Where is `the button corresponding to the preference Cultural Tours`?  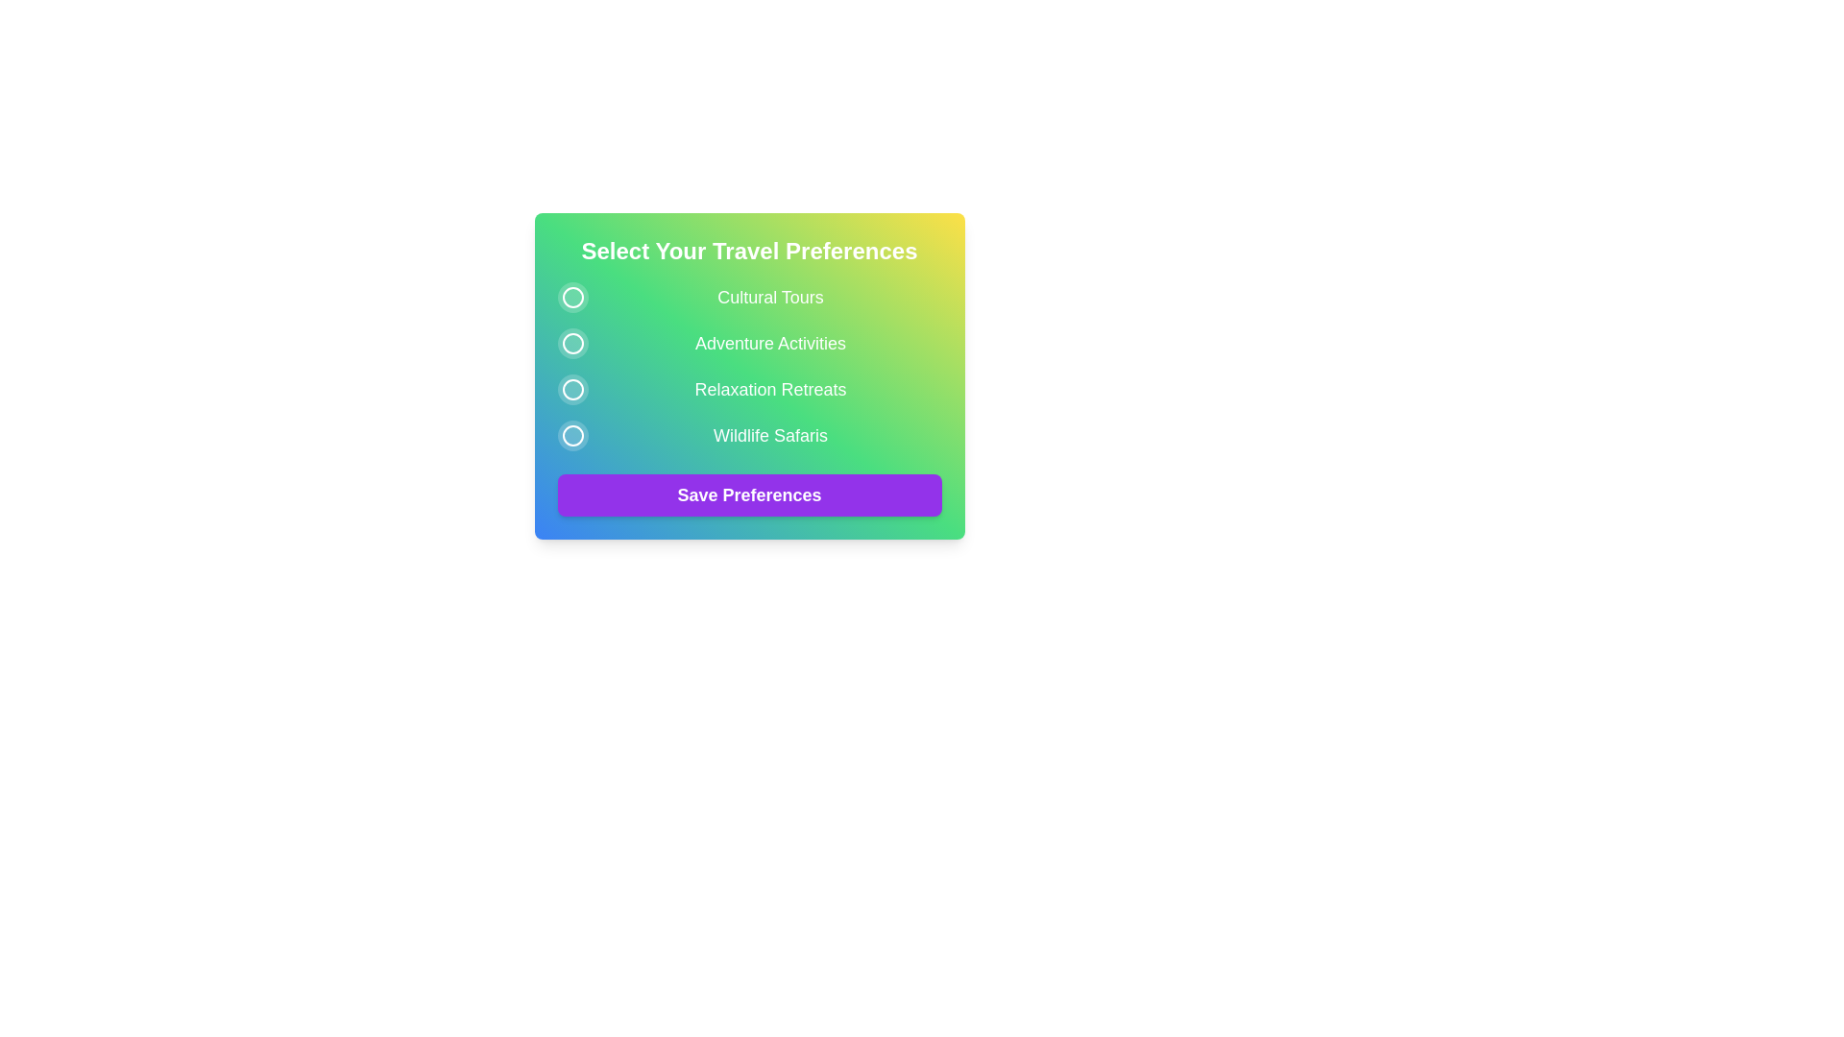 the button corresponding to the preference Cultural Tours is located at coordinates (571, 297).